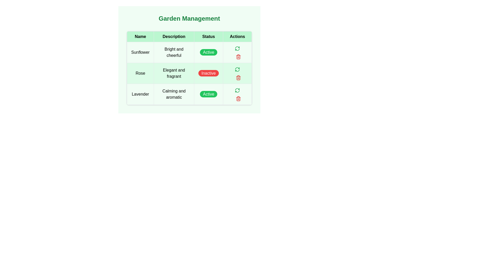 The height and width of the screenshot is (279, 496). What do you see at coordinates (237, 73) in the screenshot?
I see `the Interactive icon group for the item 'Rose', which includes options to reset and delete the item` at bounding box center [237, 73].